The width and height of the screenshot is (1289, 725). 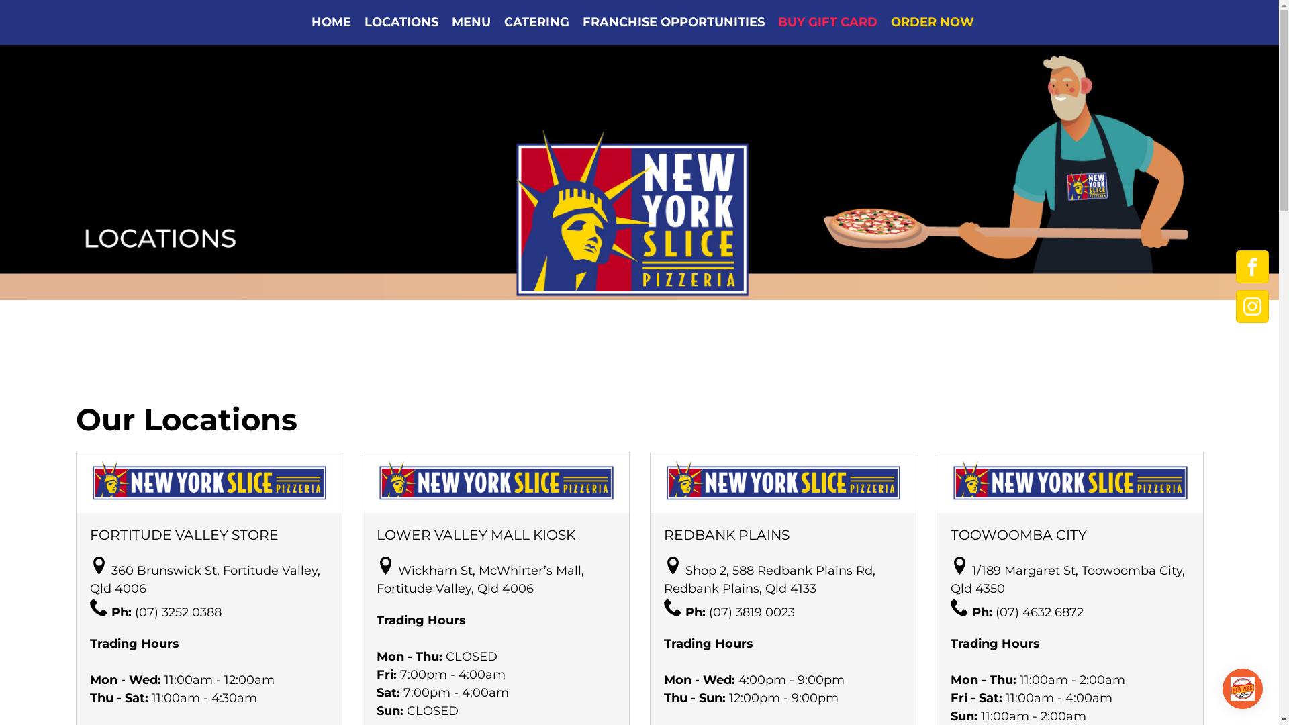 I want to click on '(07) 4632 6872', so click(x=996, y=612).